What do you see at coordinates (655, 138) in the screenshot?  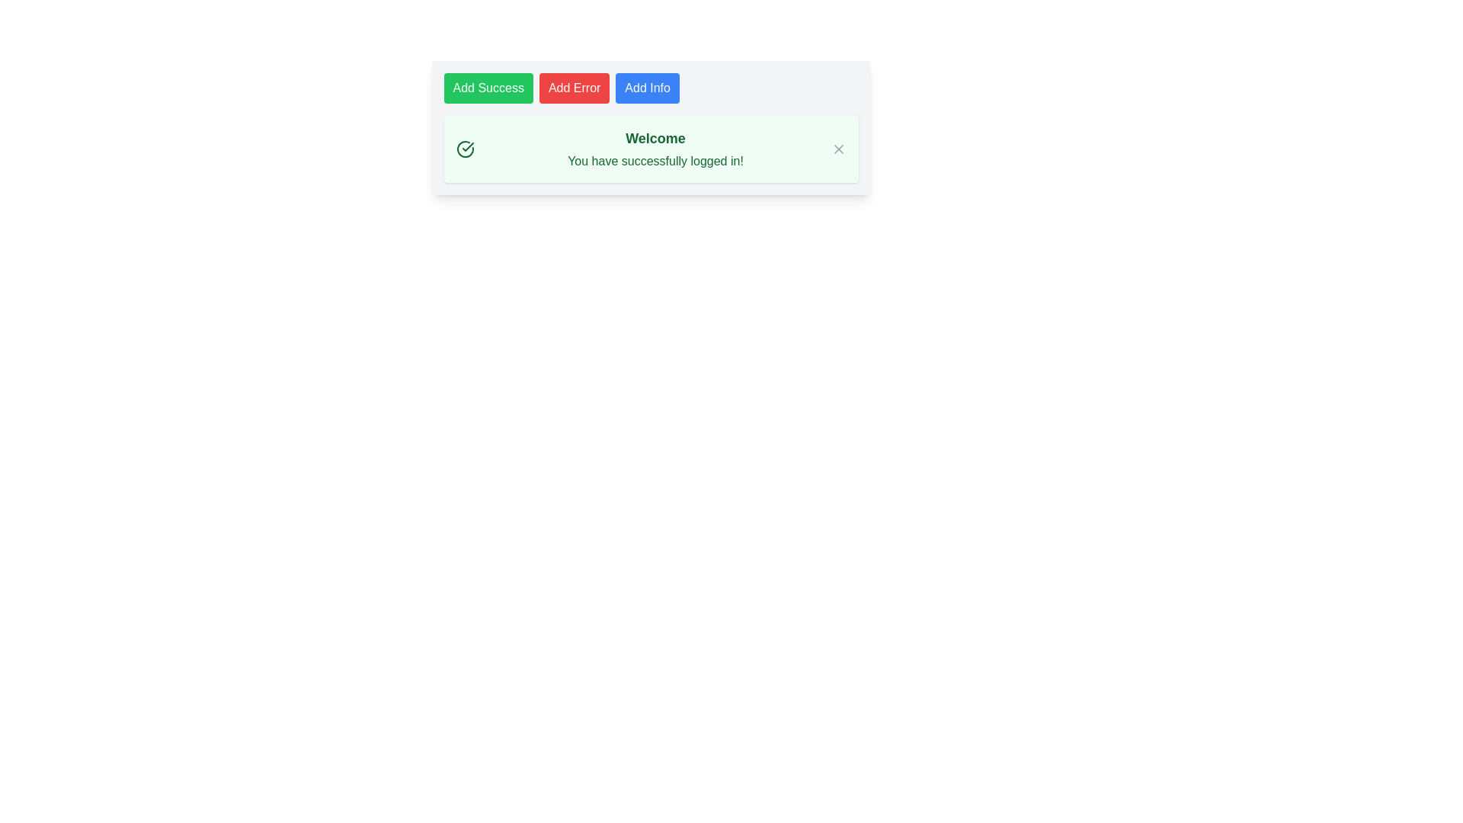 I see `the text element displaying 'Welcome', which is styled in bold, large, and green color, positioned centrally above the text 'You have successfully logged in!' within a notification-like box` at bounding box center [655, 138].